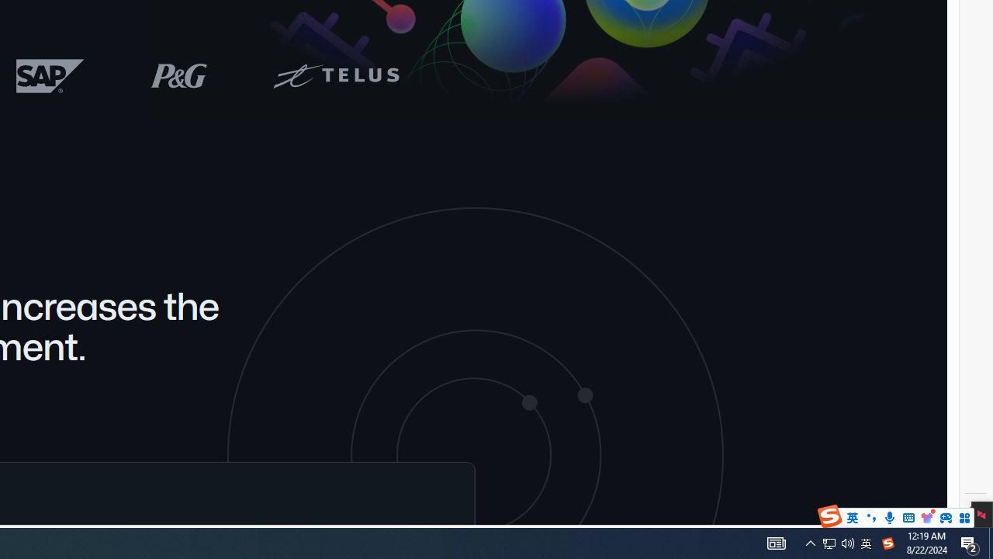 The width and height of the screenshot is (993, 559). What do you see at coordinates (970, 542) in the screenshot?
I see `'Show desktop'` at bounding box center [970, 542].